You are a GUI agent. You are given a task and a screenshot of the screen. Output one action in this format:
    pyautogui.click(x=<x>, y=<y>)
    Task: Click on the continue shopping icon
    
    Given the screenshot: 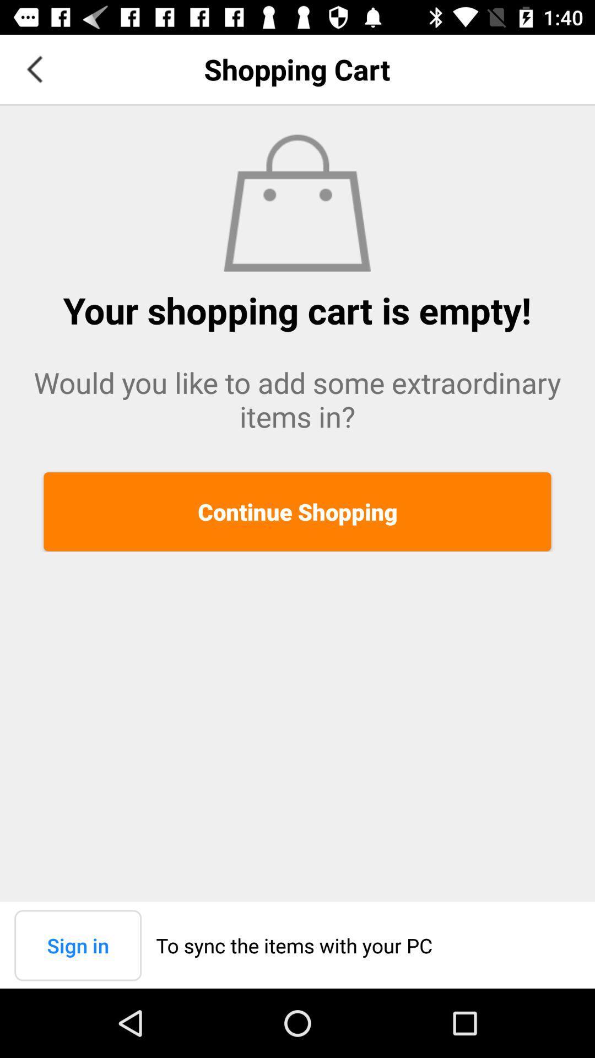 What is the action you would take?
    pyautogui.click(x=297, y=511)
    